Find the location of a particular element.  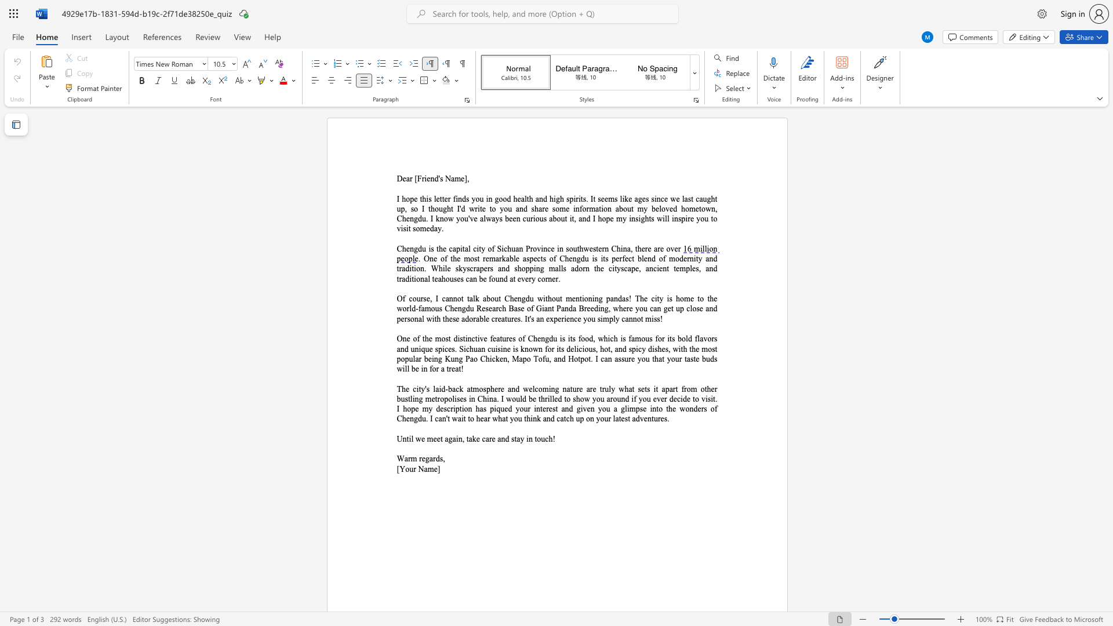

the subset text "I kn" within the text "write to you and share some information about my beloved hometown, Chengdu. I know" is located at coordinates (430, 219).